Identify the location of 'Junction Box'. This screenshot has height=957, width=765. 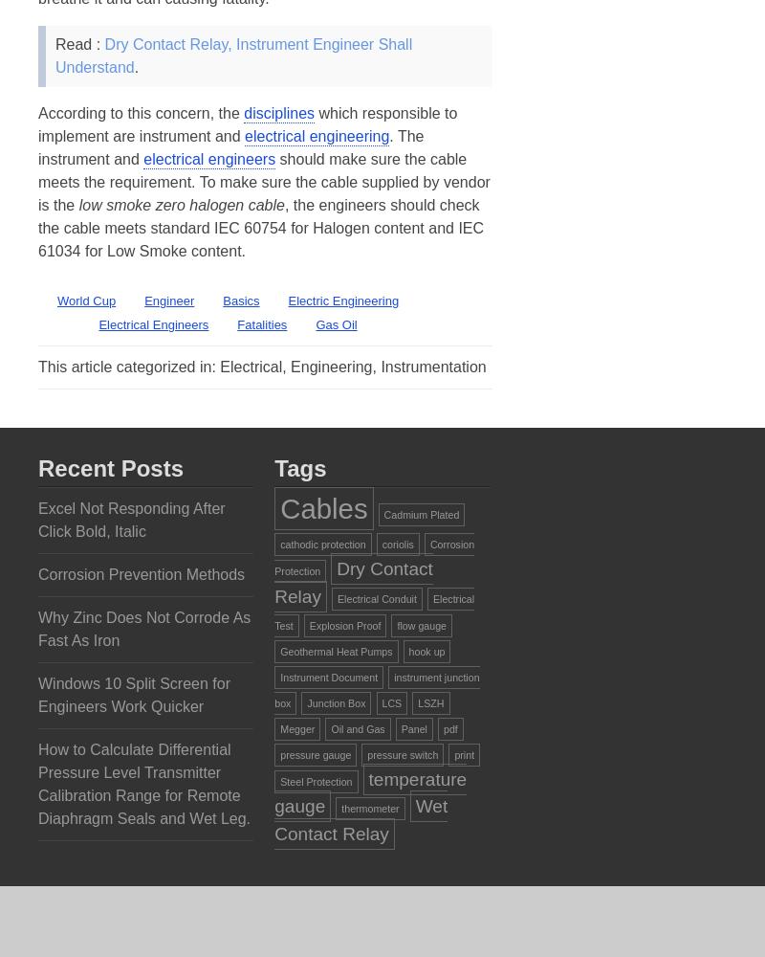
(336, 701).